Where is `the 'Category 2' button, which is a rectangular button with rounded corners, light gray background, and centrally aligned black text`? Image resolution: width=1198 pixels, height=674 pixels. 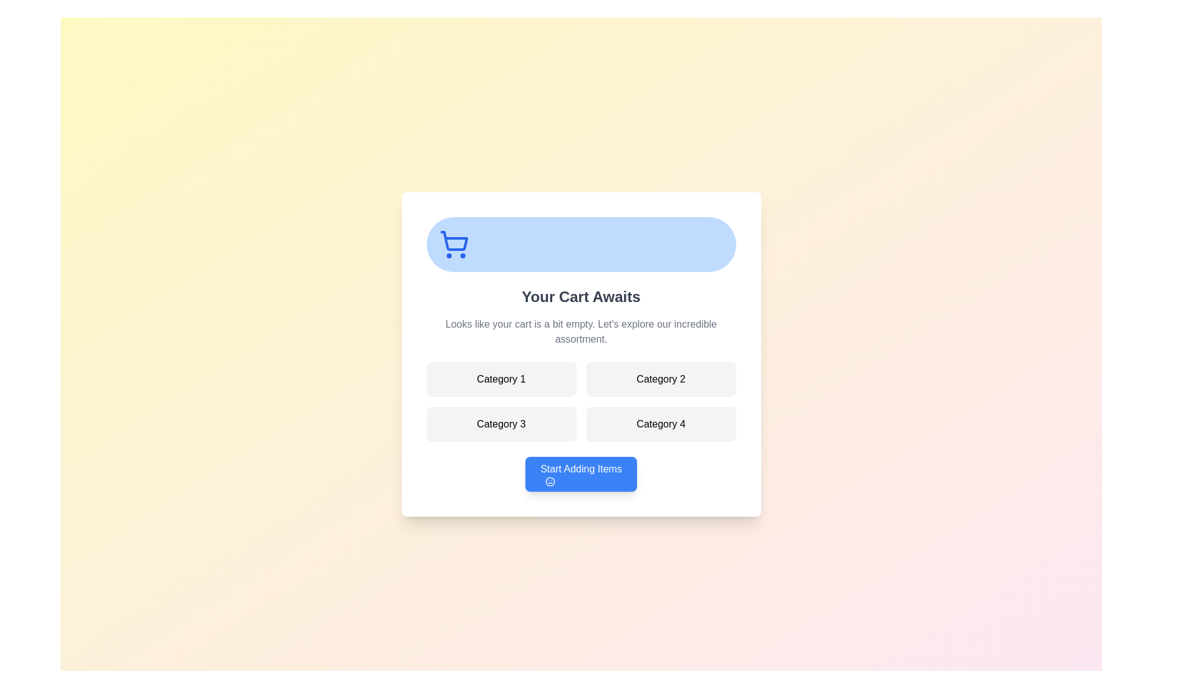 the 'Category 2' button, which is a rectangular button with rounded corners, light gray background, and centrally aligned black text is located at coordinates (660, 379).